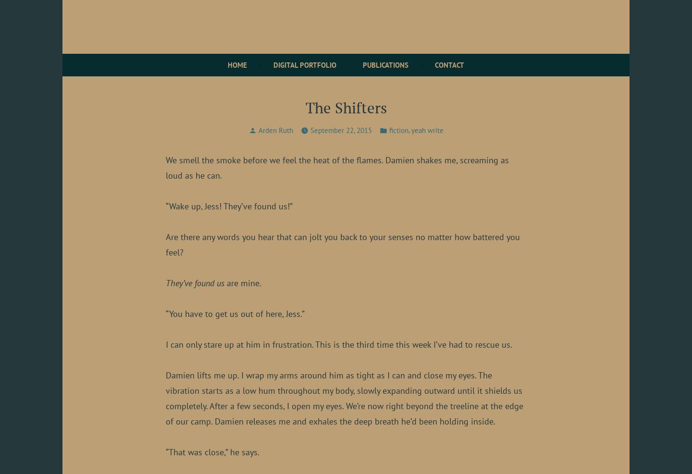 Image resolution: width=692 pixels, height=474 pixels. What do you see at coordinates (166, 451) in the screenshot?
I see `'“That was close,” he says.'` at bounding box center [166, 451].